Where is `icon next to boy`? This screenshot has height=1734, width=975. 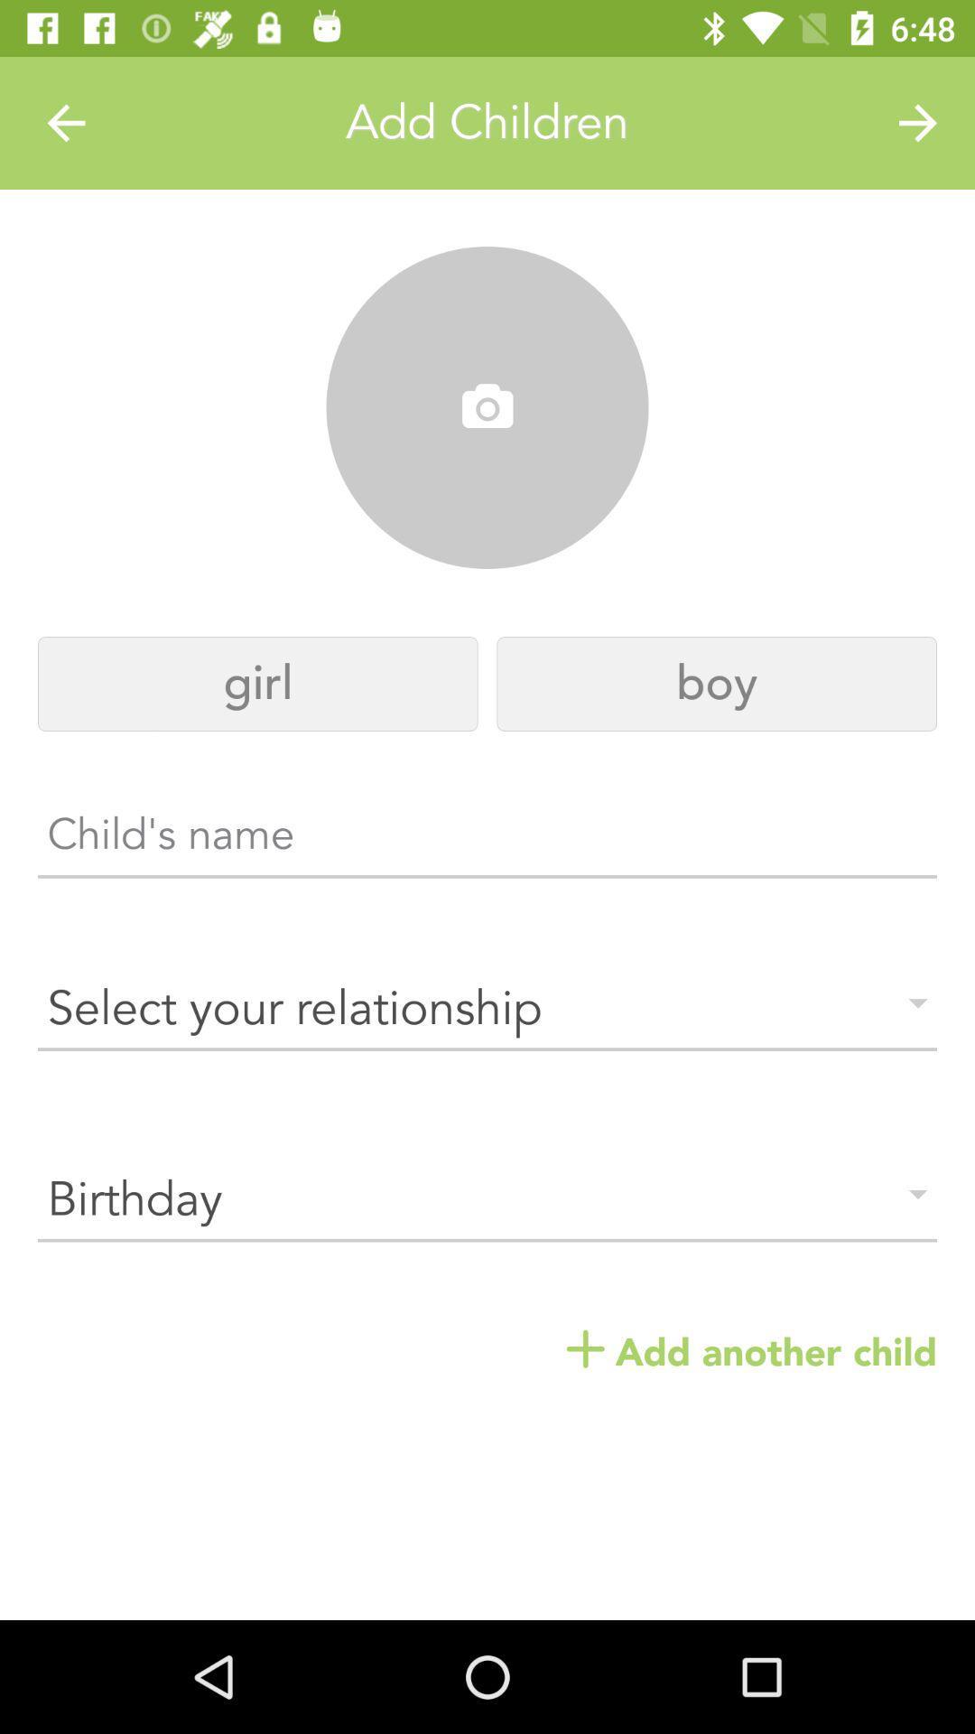
icon next to boy is located at coordinates (257, 683).